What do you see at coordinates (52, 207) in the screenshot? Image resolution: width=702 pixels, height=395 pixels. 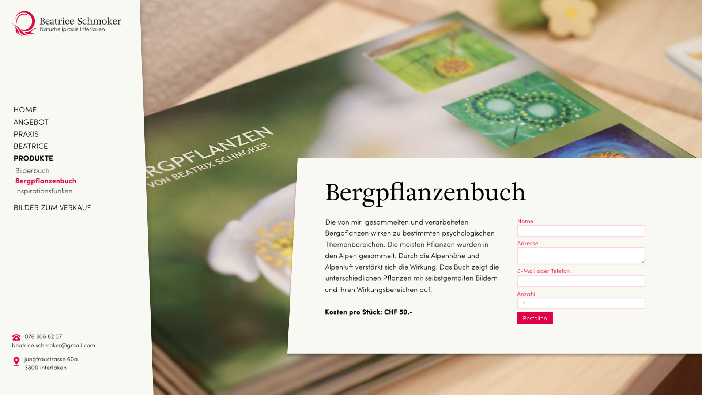 I see `'BILDER ZUM VERKAUF'` at bounding box center [52, 207].